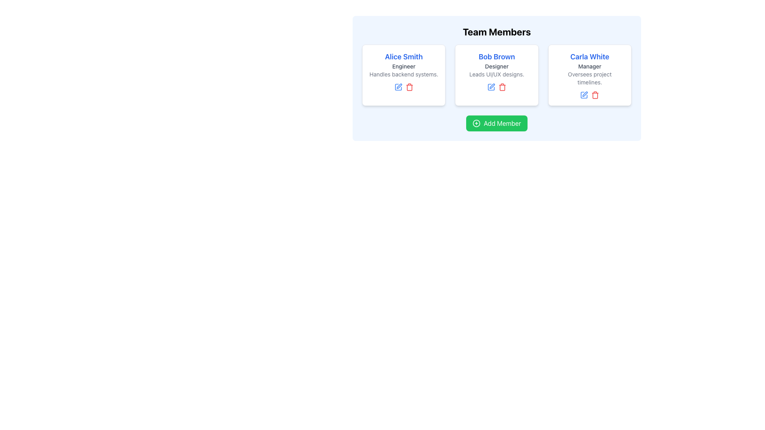 The width and height of the screenshot is (765, 430). I want to click on the Text label that describes 'Alice Smith's' specialization in backend systems, located below the 'Engineer' title and above the icons at the bottom of the card, so click(404, 74).